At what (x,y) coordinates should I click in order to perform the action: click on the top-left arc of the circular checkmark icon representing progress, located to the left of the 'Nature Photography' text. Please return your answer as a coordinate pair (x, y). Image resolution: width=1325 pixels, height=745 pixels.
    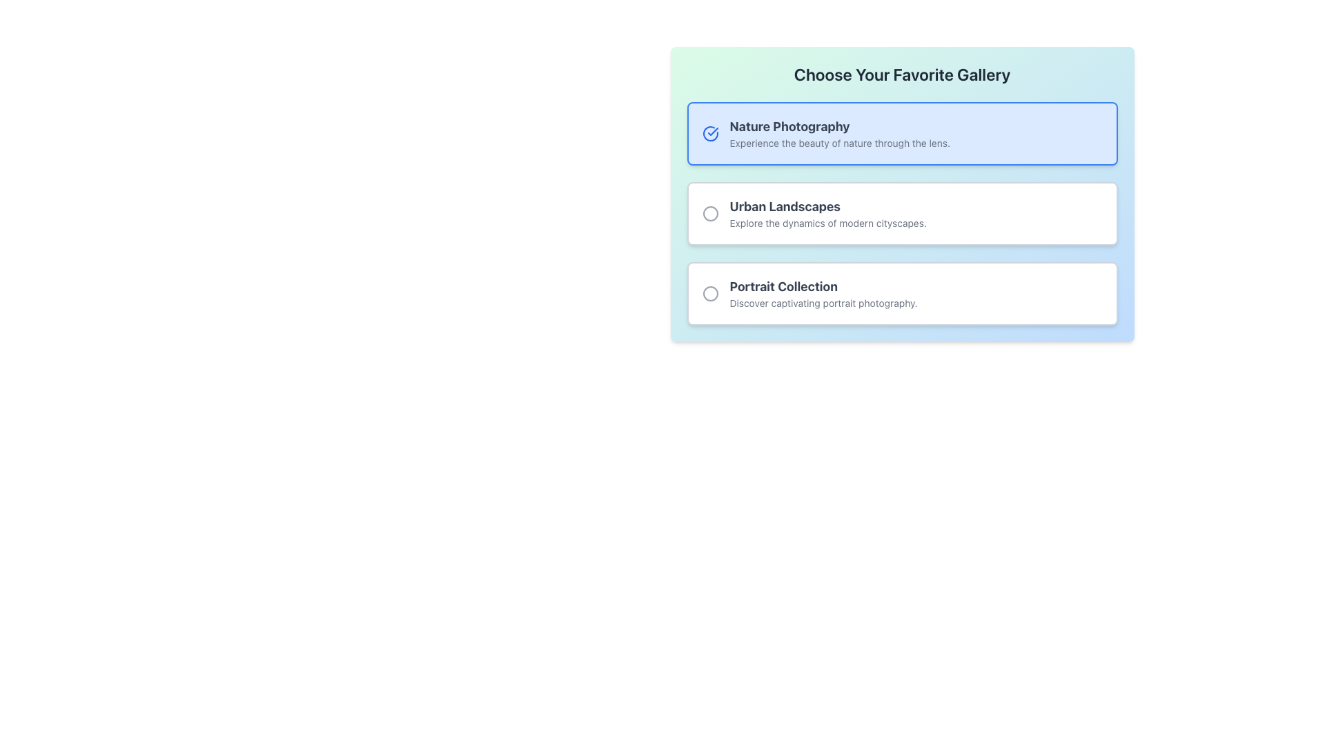
    Looking at the image, I should click on (710, 133).